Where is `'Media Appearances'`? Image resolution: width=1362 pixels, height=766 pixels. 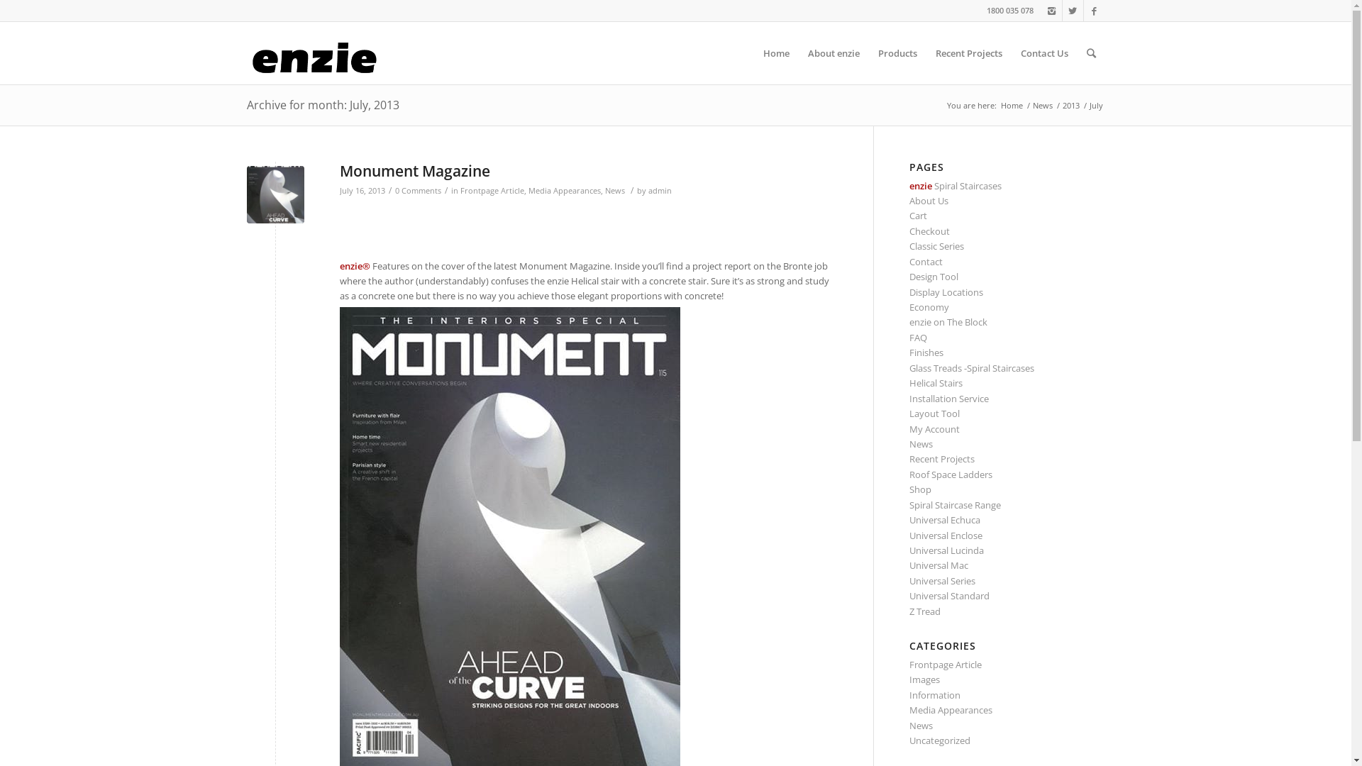 'Media Appearances' is located at coordinates (951, 710).